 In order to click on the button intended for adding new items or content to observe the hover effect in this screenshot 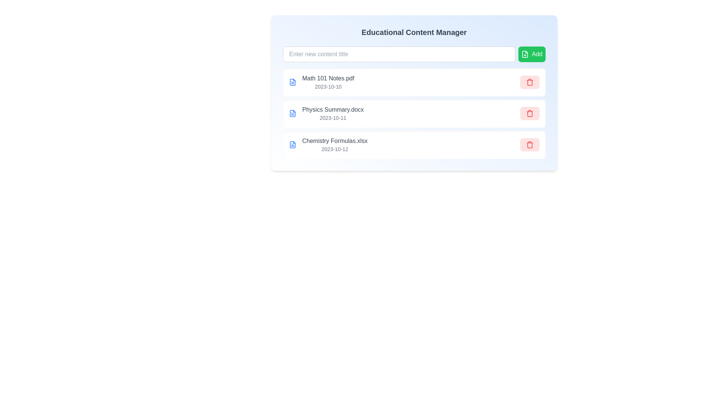, I will do `click(531, 54)`.